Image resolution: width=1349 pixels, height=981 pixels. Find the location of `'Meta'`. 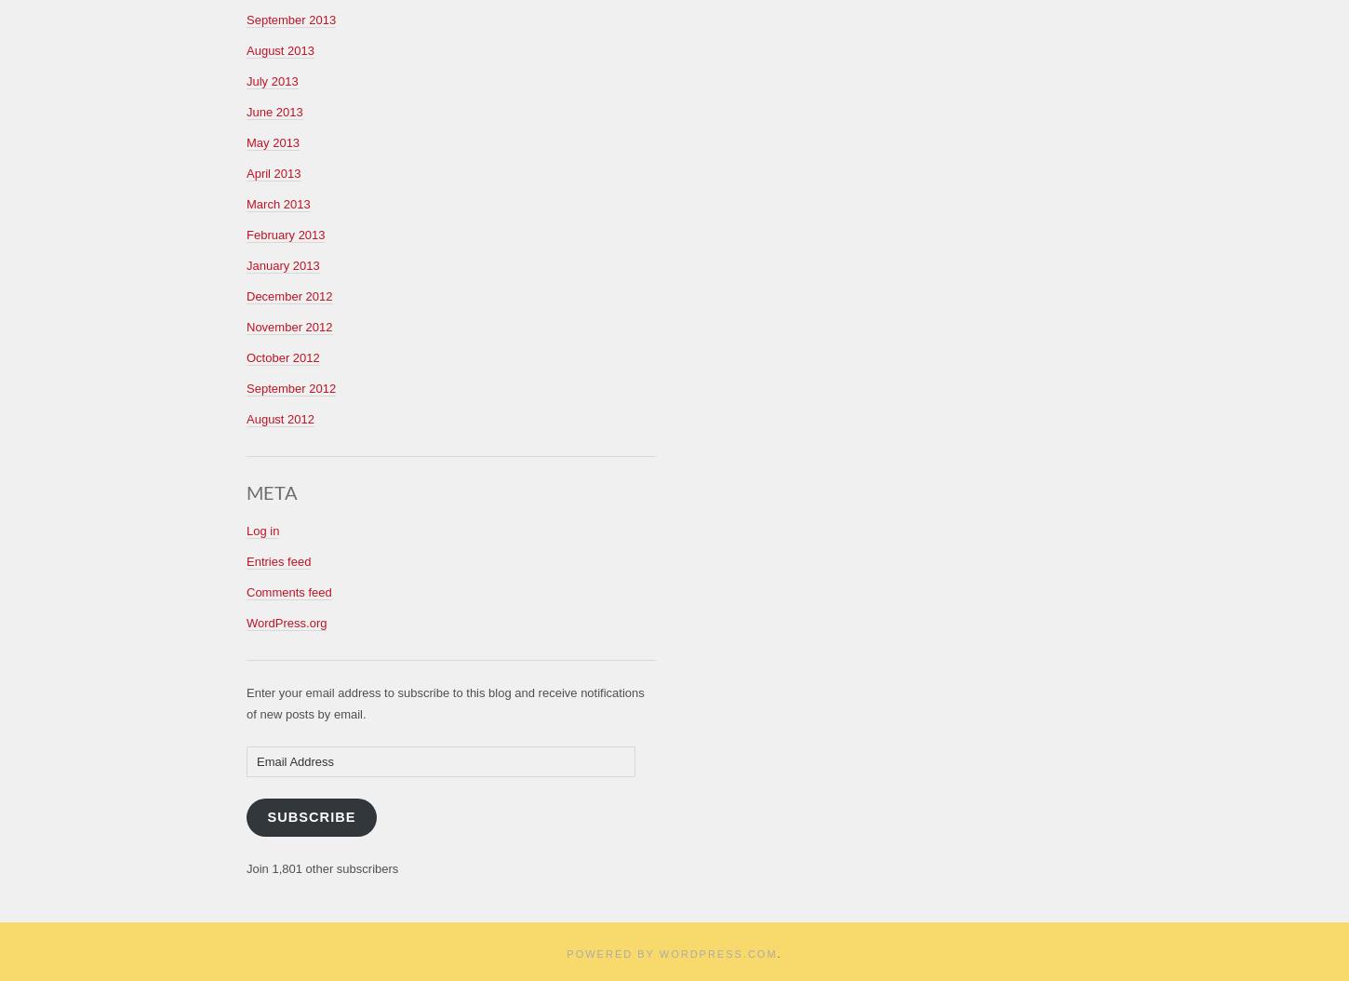

'Meta' is located at coordinates (272, 490).